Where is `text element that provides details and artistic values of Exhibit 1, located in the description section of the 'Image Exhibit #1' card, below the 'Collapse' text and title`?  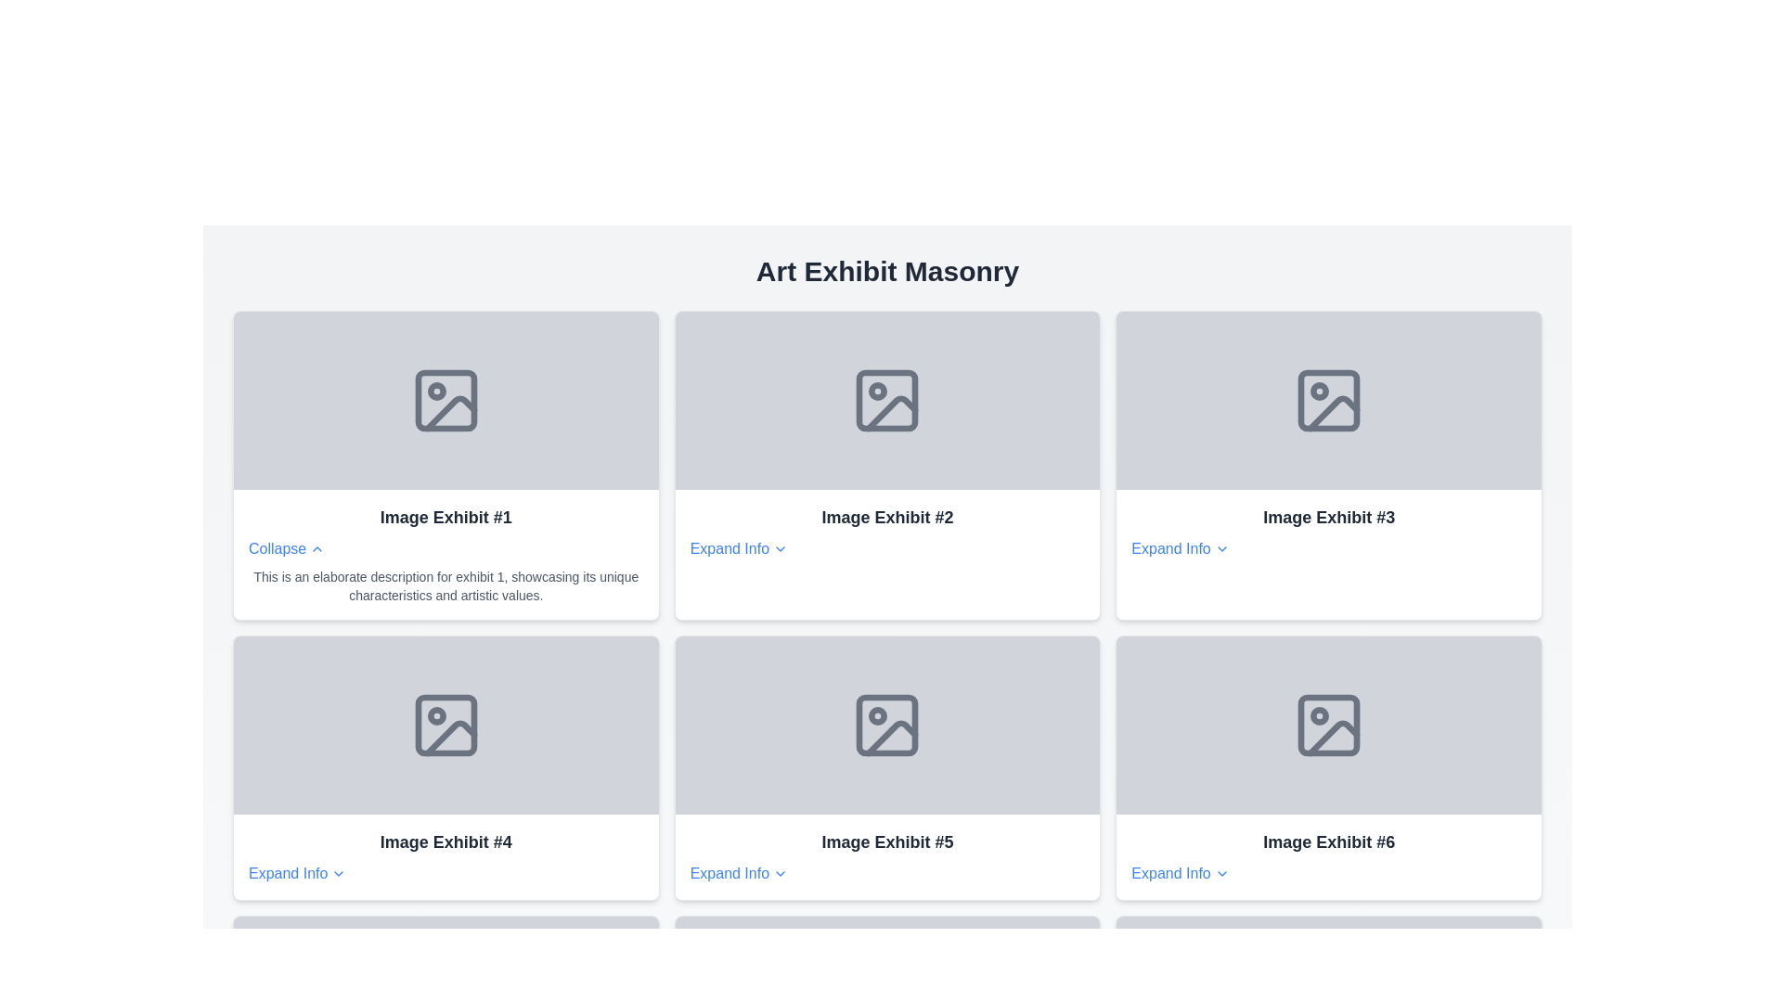
text element that provides details and artistic values of Exhibit 1, located in the description section of the 'Image Exhibit #1' card, below the 'Collapse' text and title is located at coordinates (445, 586).